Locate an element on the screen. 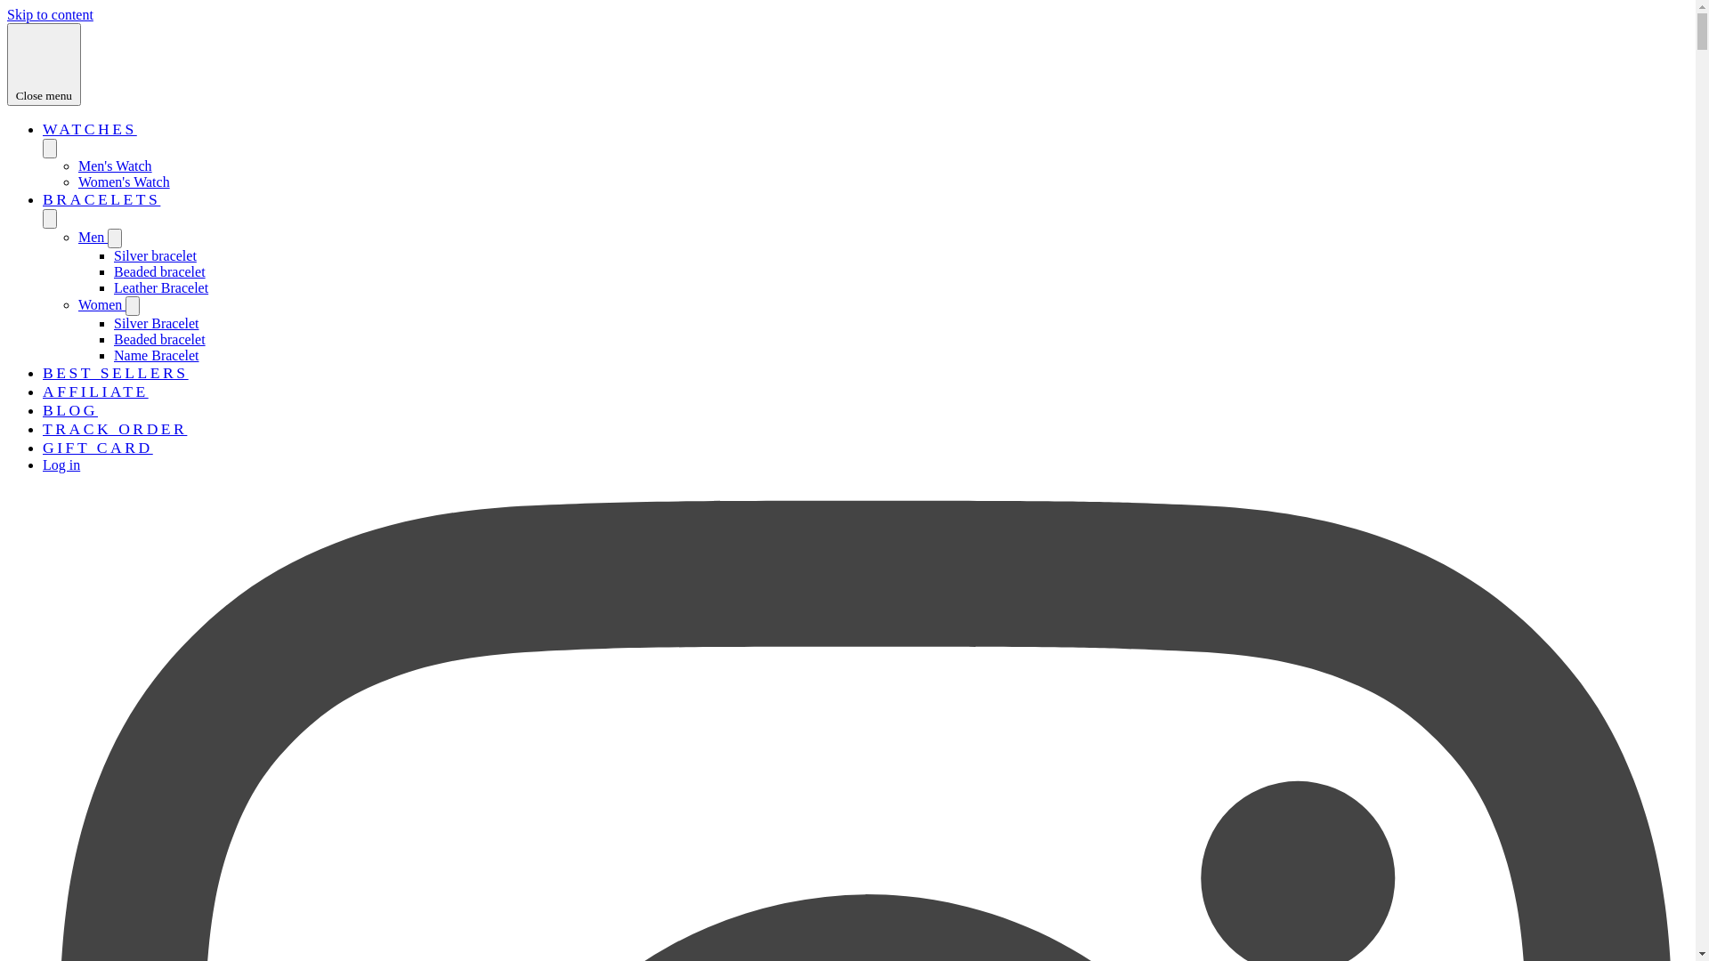  'Close menu' is located at coordinates (44, 63).